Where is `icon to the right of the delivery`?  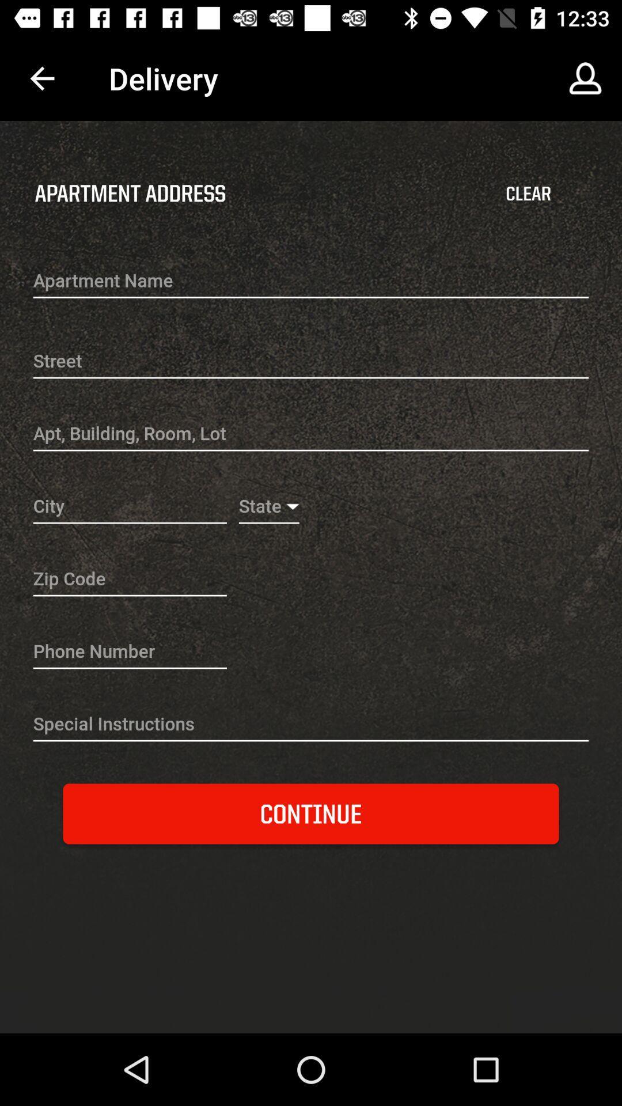
icon to the right of the delivery is located at coordinates (586, 78).